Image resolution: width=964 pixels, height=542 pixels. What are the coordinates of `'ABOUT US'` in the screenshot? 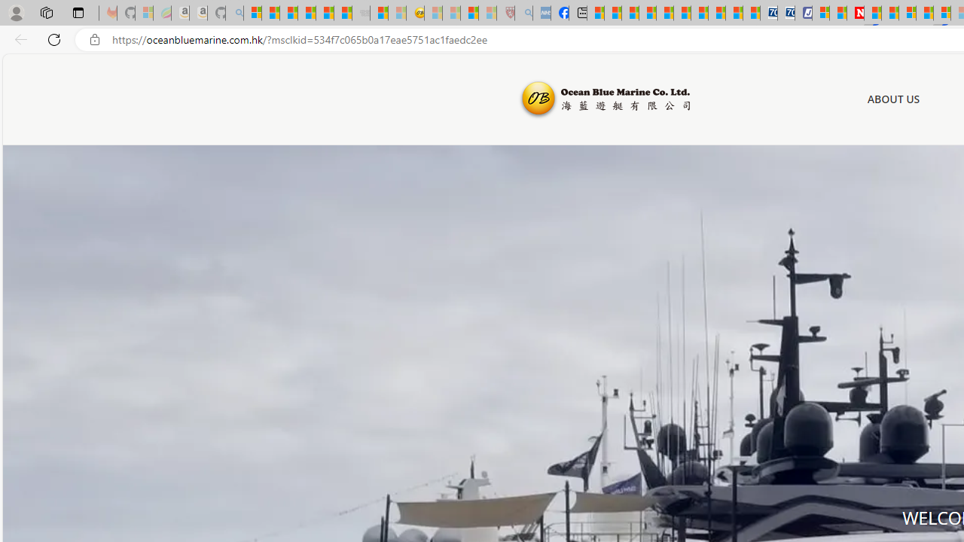 It's located at (893, 99).